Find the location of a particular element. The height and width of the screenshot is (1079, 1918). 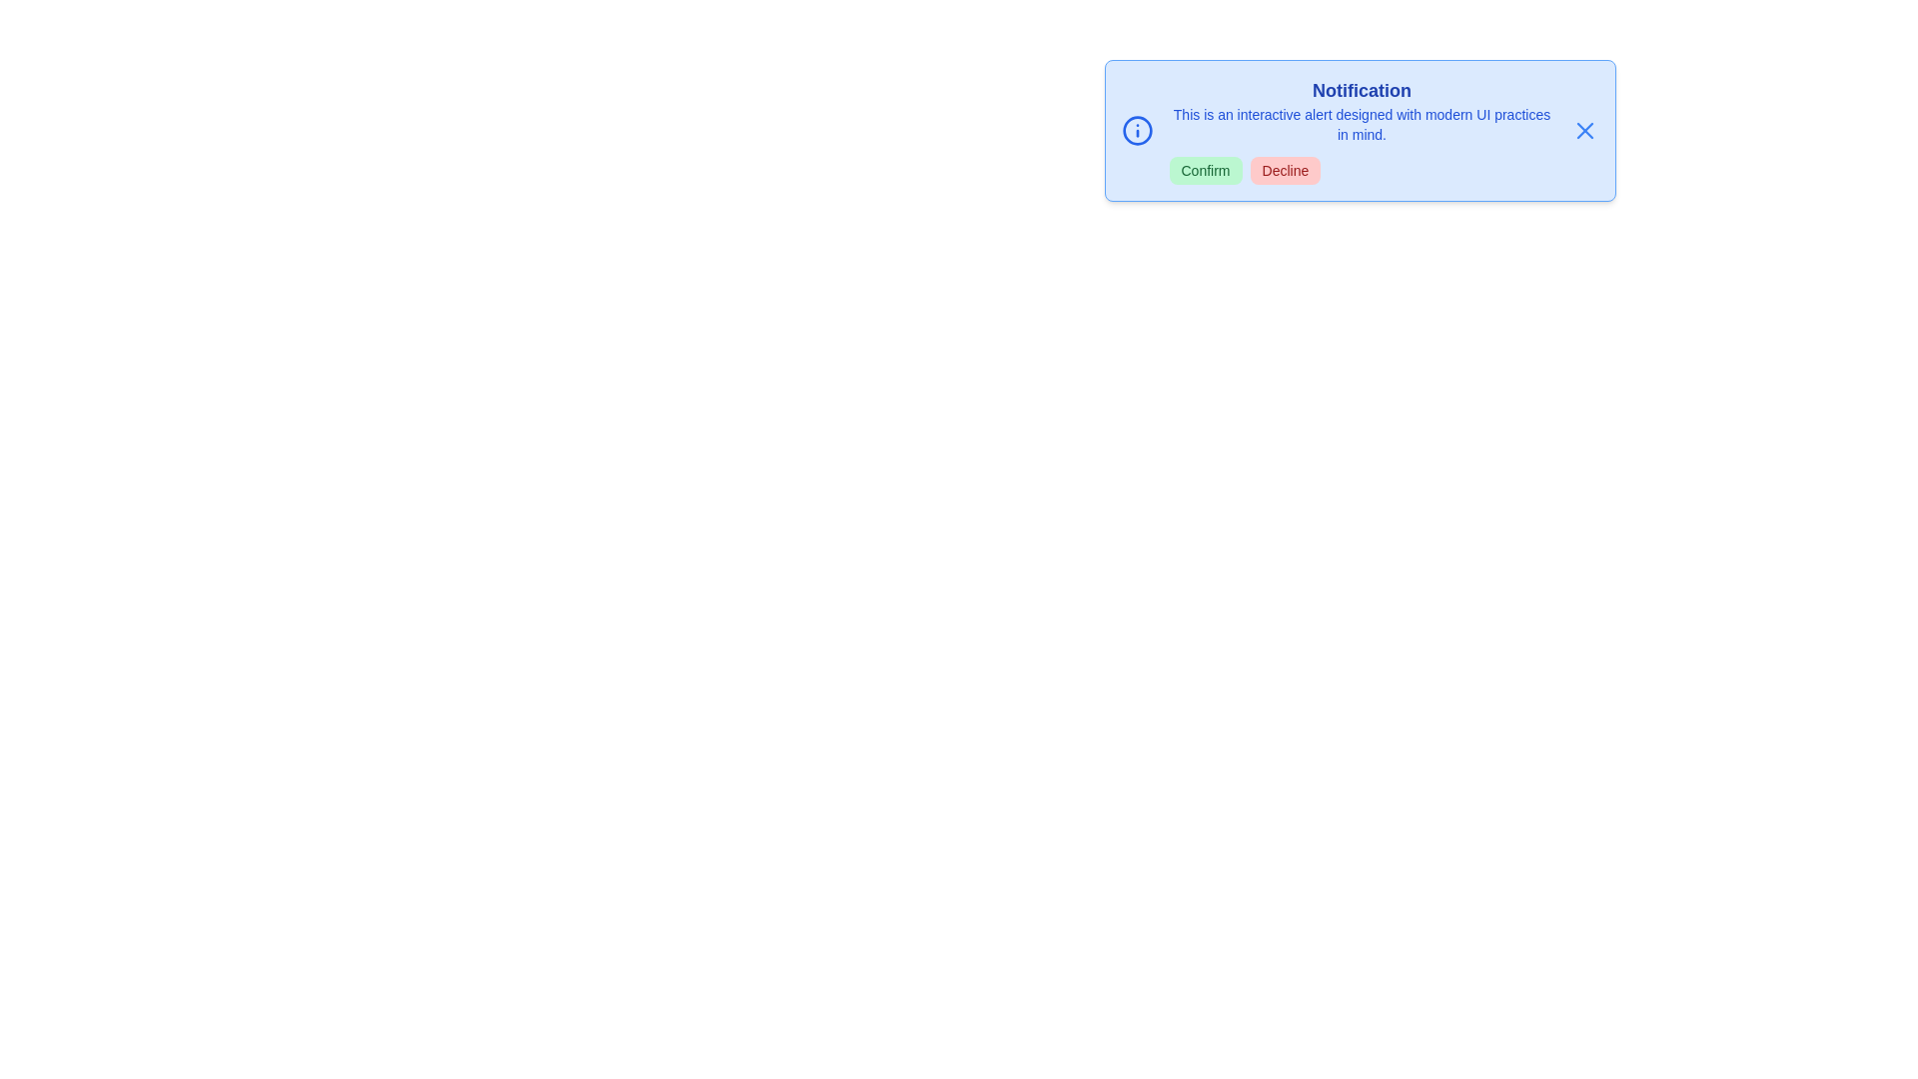

the 'Decline' button to decline the action is located at coordinates (1285, 169).